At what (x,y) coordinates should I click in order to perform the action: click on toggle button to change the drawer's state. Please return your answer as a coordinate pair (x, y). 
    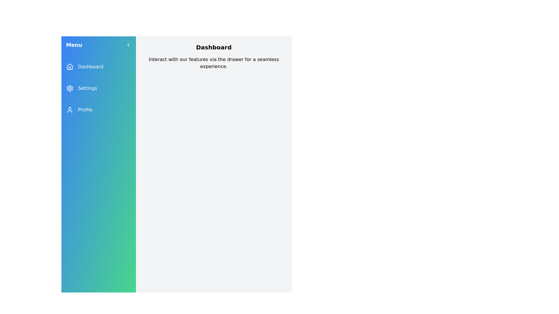
    Looking at the image, I should click on (128, 44).